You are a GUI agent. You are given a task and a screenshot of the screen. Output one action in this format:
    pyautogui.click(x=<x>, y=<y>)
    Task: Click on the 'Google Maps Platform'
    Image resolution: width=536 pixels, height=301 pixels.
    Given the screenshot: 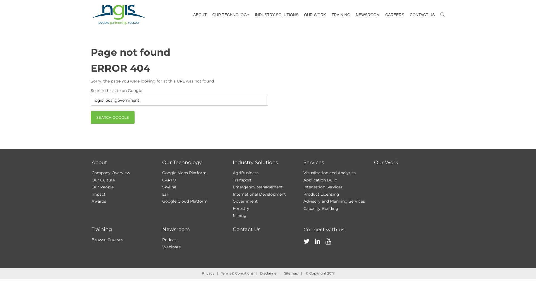 What is the action you would take?
    pyautogui.click(x=184, y=173)
    